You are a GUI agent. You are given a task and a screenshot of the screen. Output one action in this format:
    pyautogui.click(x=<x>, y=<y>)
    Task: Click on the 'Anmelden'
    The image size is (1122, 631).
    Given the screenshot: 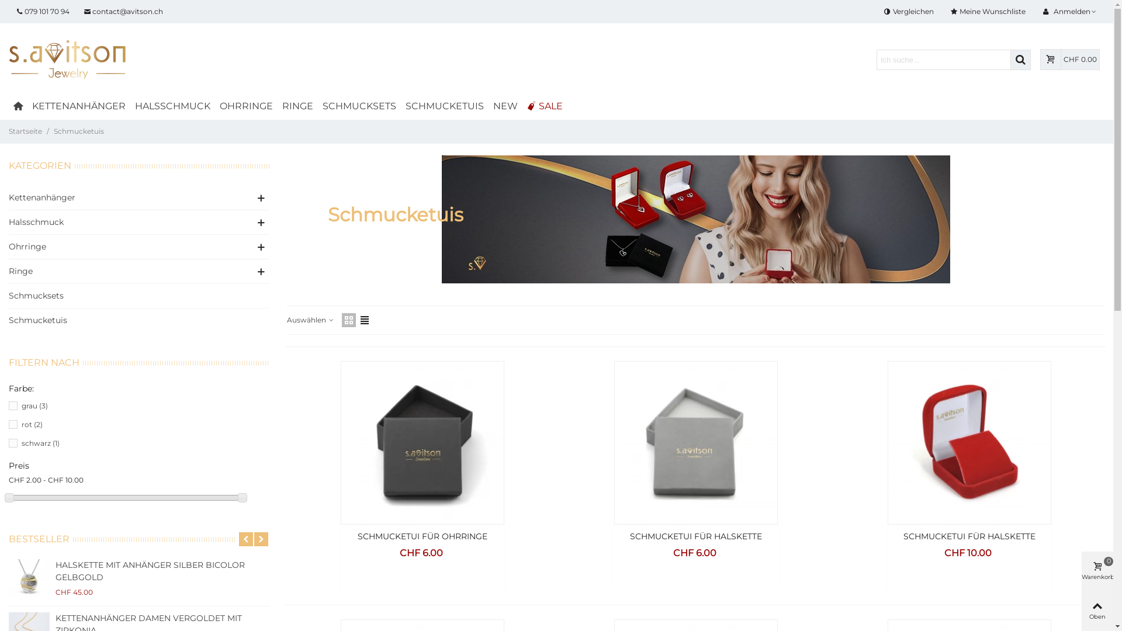 What is the action you would take?
    pyautogui.click(x=1069, y=11)
    